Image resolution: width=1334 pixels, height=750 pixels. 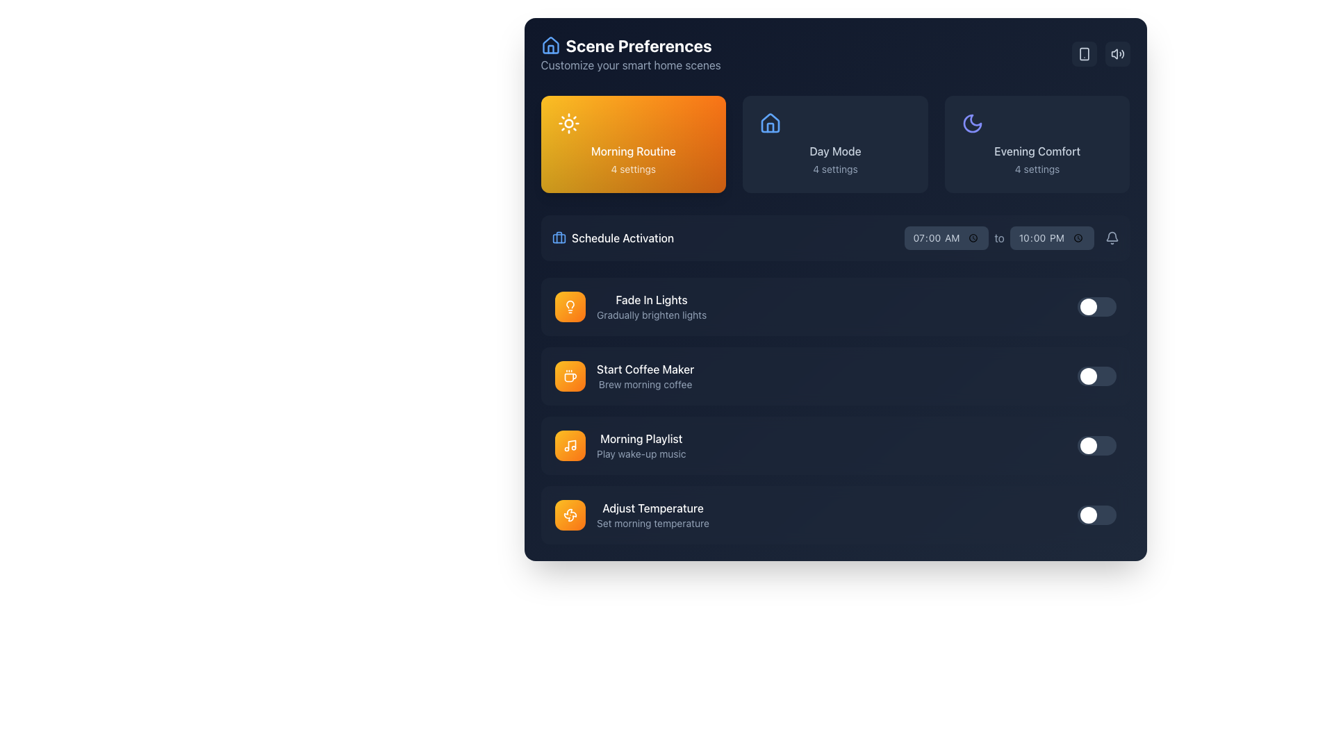 What do you see at coordinates (632, 168) in the screenshot?
I see `the text label indicating the number of configurations available for the 'Morning Routine' scene, which is located beneath the title text 'Morning Routine' within the 'Morning Routine' card` at bounding box center [632, 168].